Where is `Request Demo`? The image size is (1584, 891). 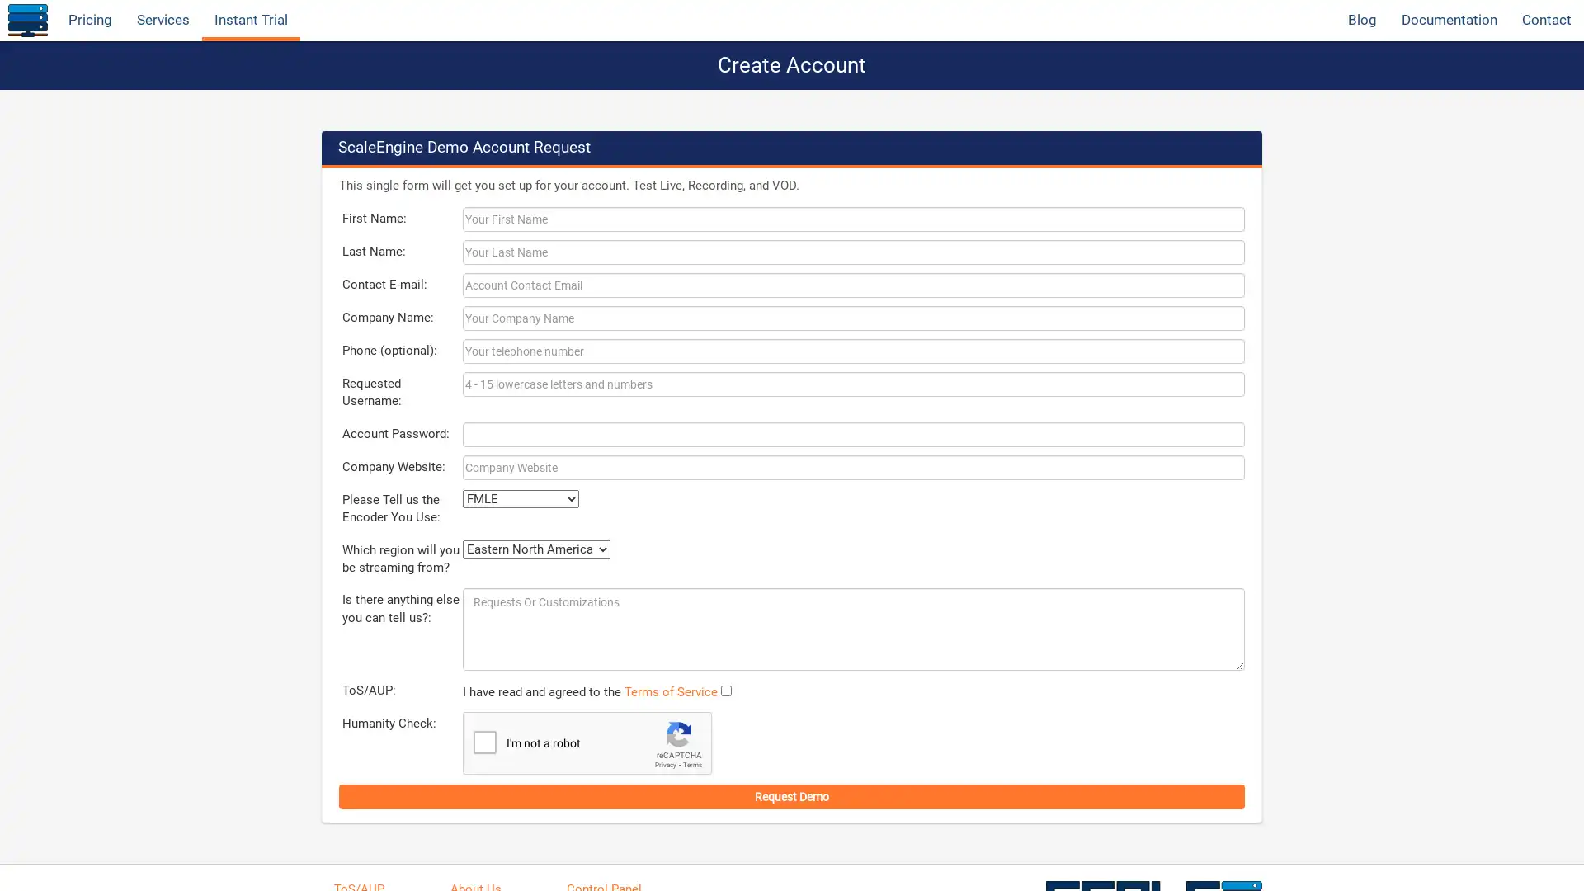
Request Demo is located at coordinates (792, 794).